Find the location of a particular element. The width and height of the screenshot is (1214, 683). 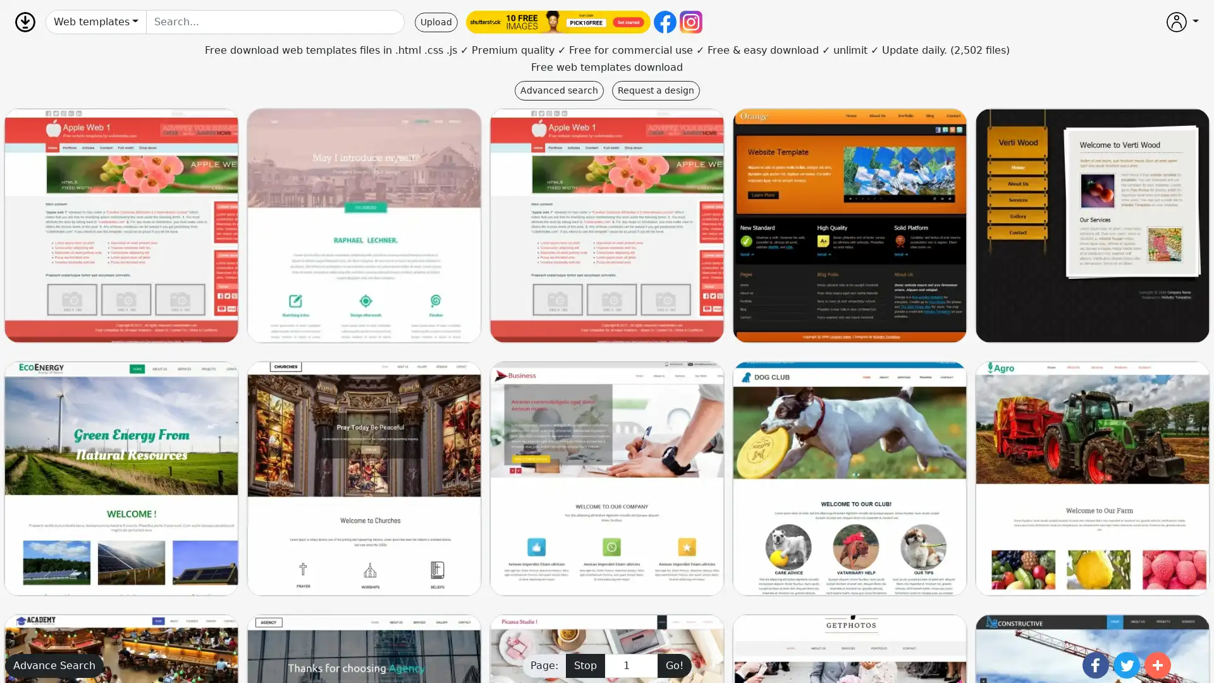

Go! is located at coordinates (673, 665).